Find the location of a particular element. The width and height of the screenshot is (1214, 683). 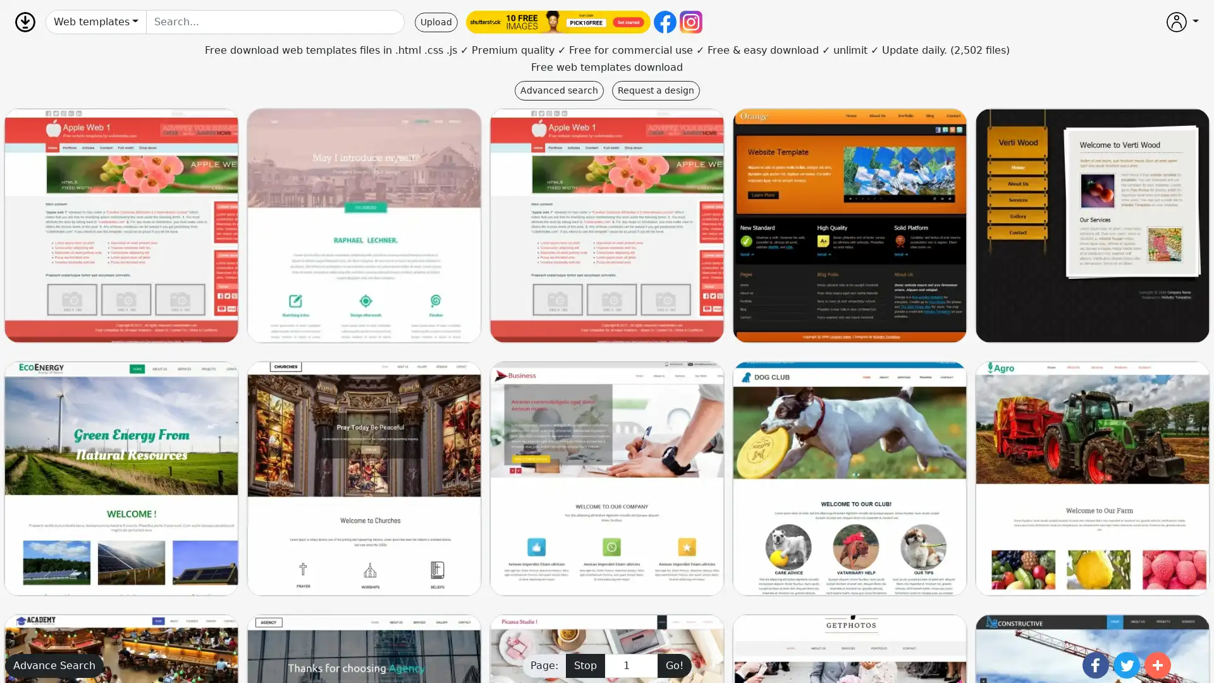

Go! is located at coordinates (673, 665).